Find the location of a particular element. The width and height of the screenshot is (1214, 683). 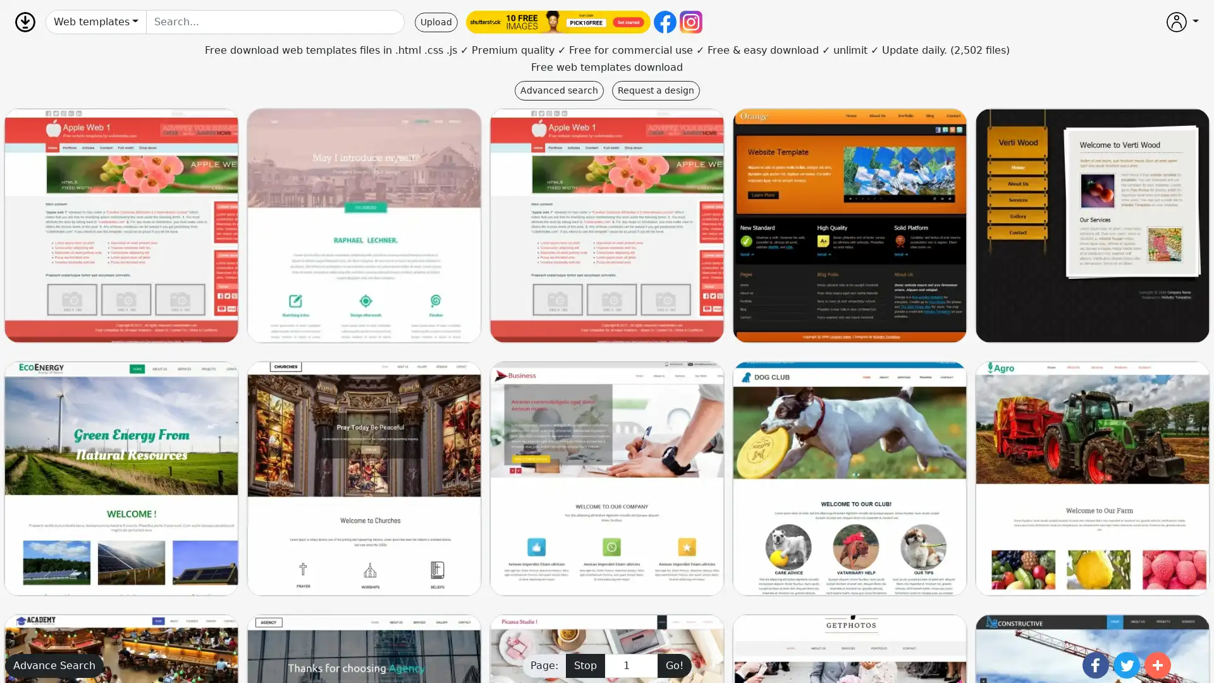

Go! is located at coordinates (673, 665).